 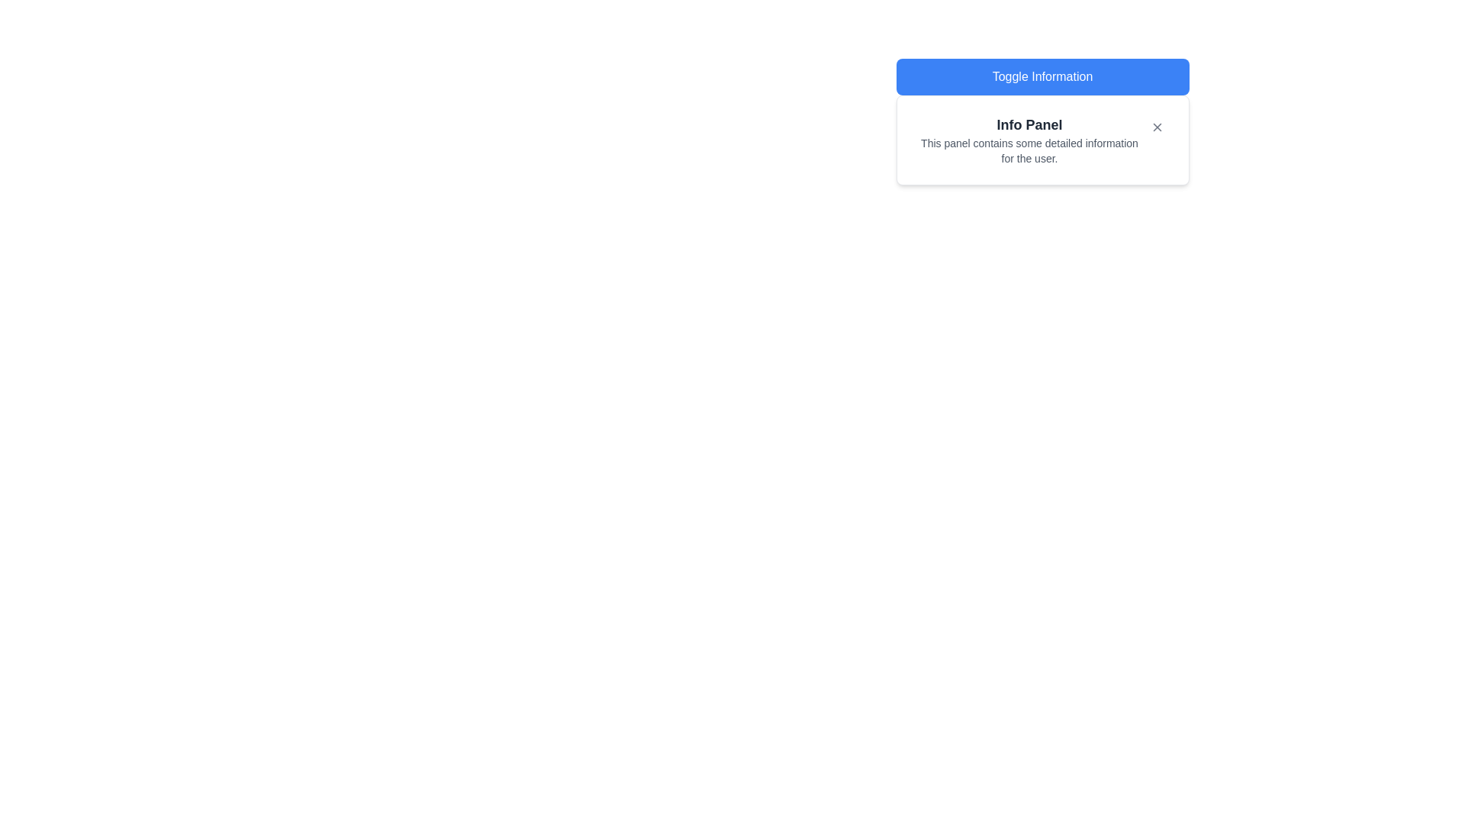 What do you see at coordinates (1042, 140) in the screenshot?
I see `the text block labeled 'Info Panel' that contains descriptive text about detailed information for the user` at bounding box center [1042, 140].